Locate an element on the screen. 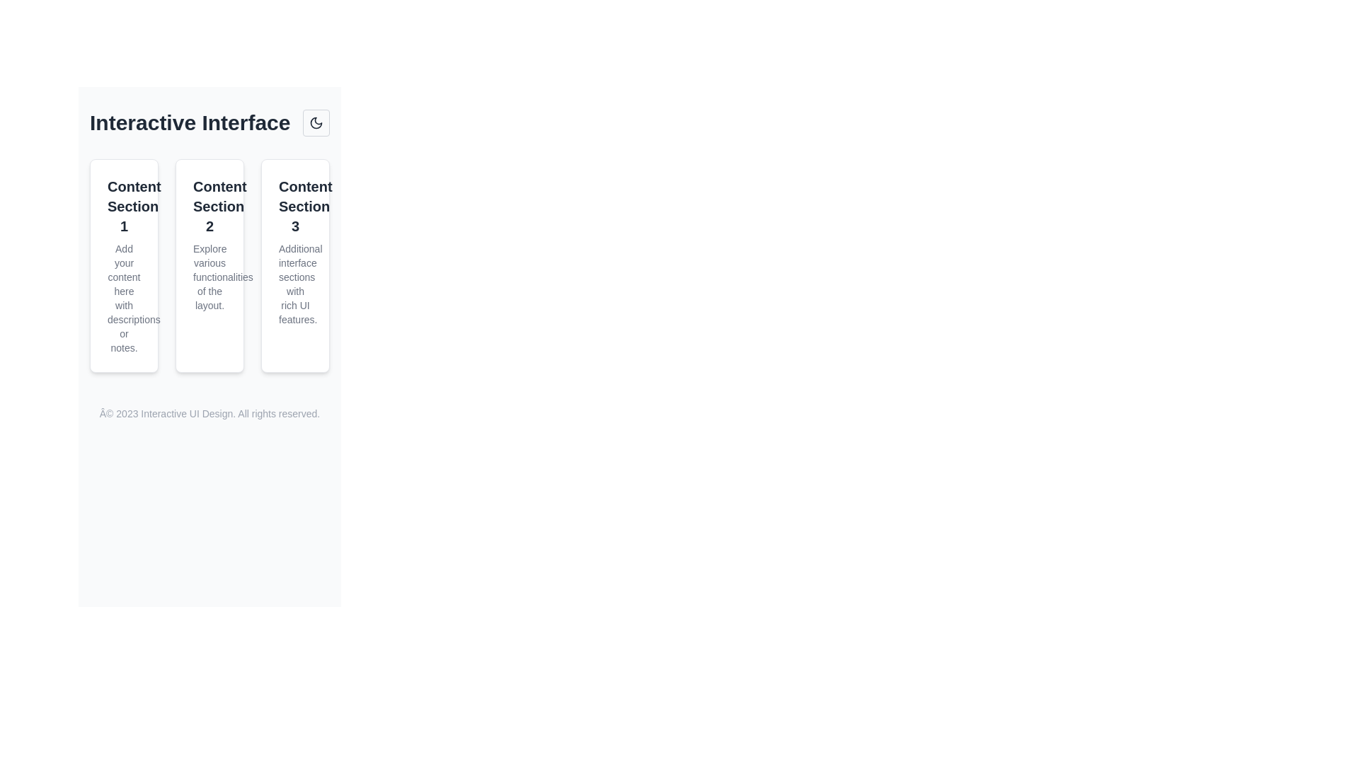  the graphical icon representing the theme toggle for night mode located in the top-right corner of the interface near the title 'Interactive Interface' is located at coordinates (315, 122).